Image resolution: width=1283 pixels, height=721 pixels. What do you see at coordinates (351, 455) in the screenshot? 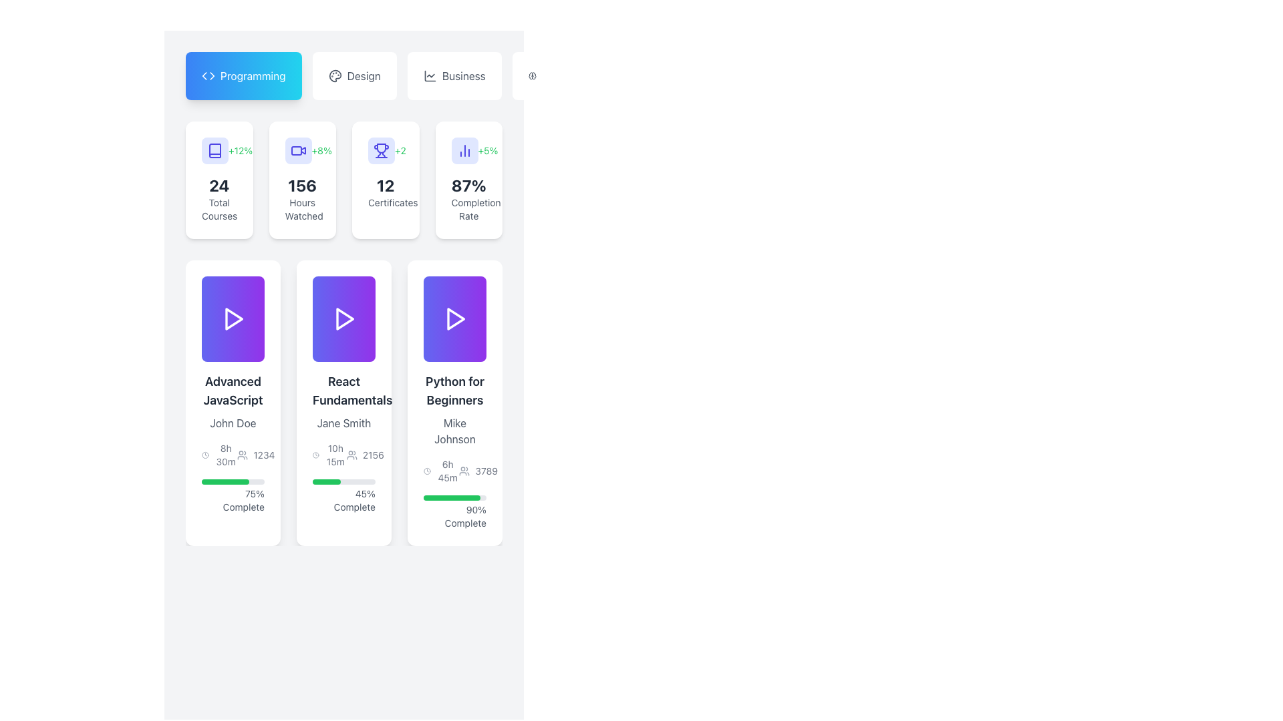
I see `the user icon located beside the text '2156' in the second card of the series` at bounding box center [351, 455].